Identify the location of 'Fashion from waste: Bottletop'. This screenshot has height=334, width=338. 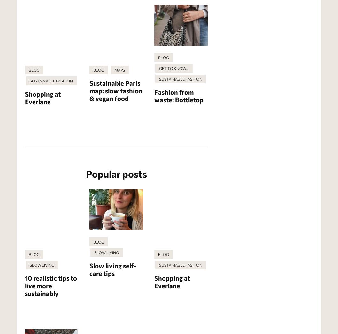
(179, 96).